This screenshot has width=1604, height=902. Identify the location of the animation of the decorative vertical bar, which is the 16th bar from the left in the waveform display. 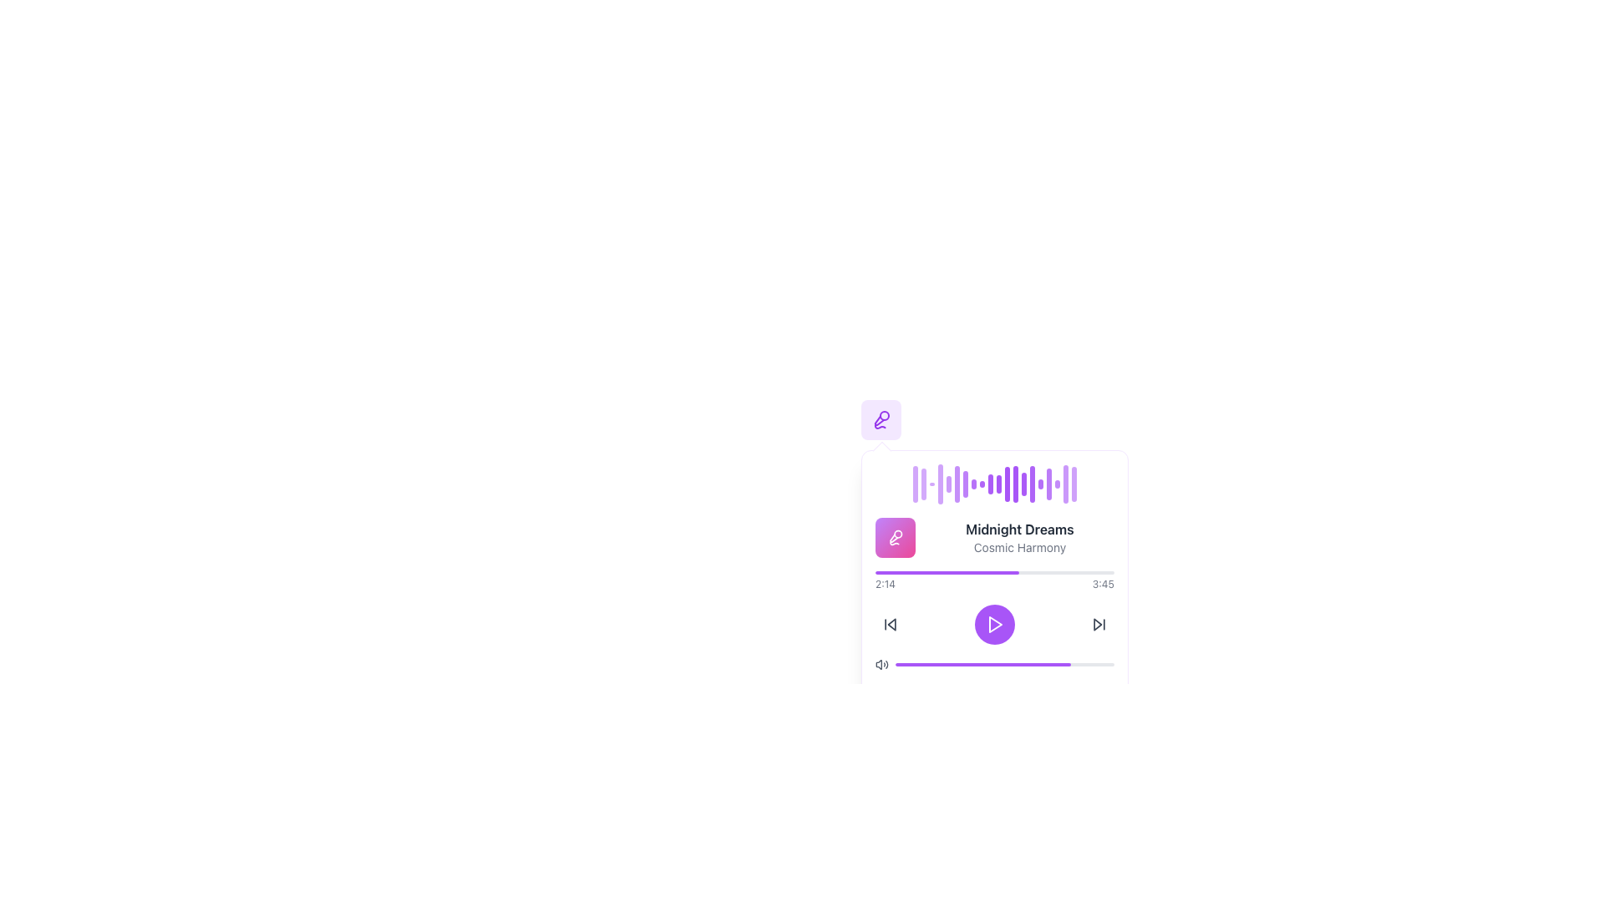
(1040, 483).